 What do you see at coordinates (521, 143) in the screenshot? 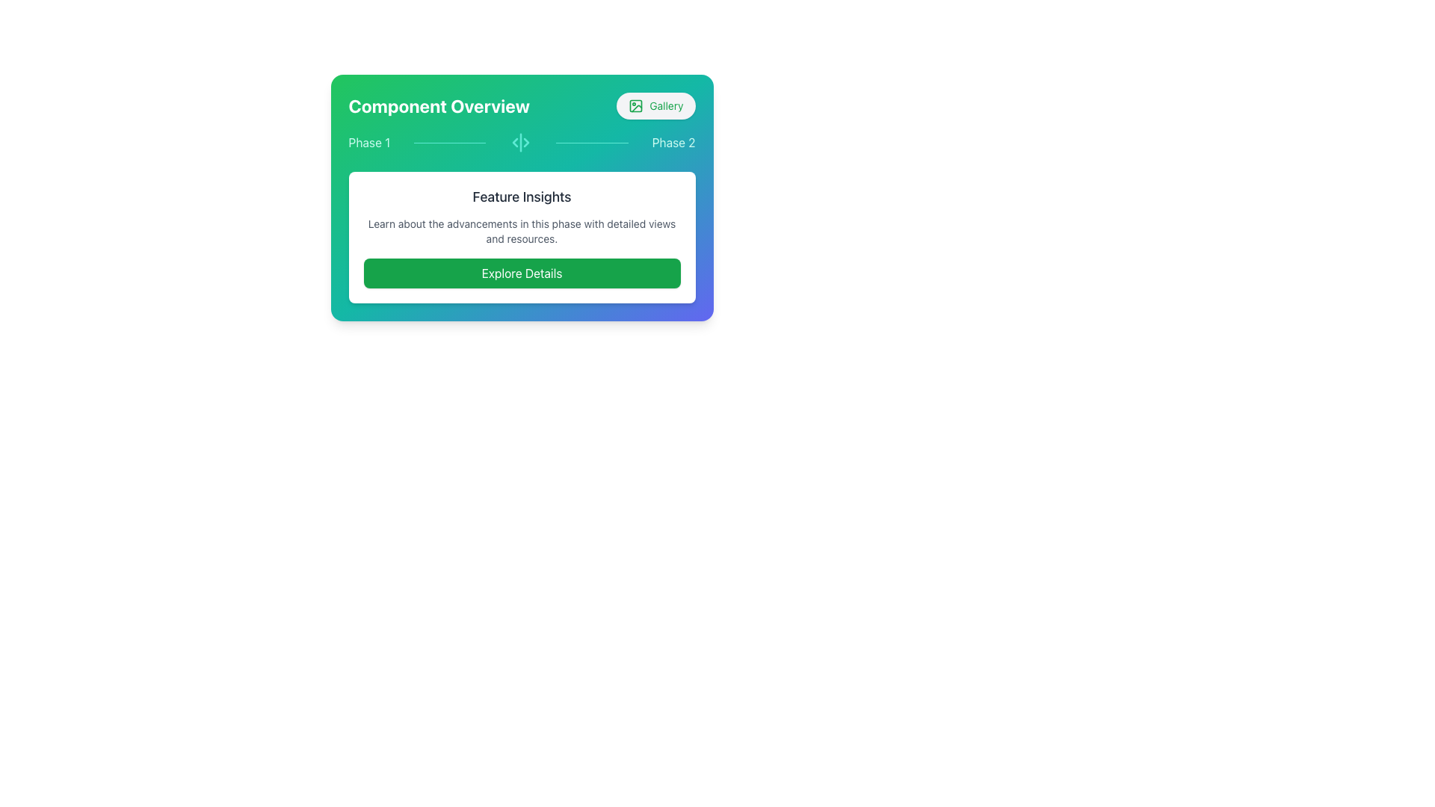
I see `the teal-colored vertical separator with triangular markers located between the labels 'Phase 1' and 'Phase 2'` at bounding box center [521, 143].